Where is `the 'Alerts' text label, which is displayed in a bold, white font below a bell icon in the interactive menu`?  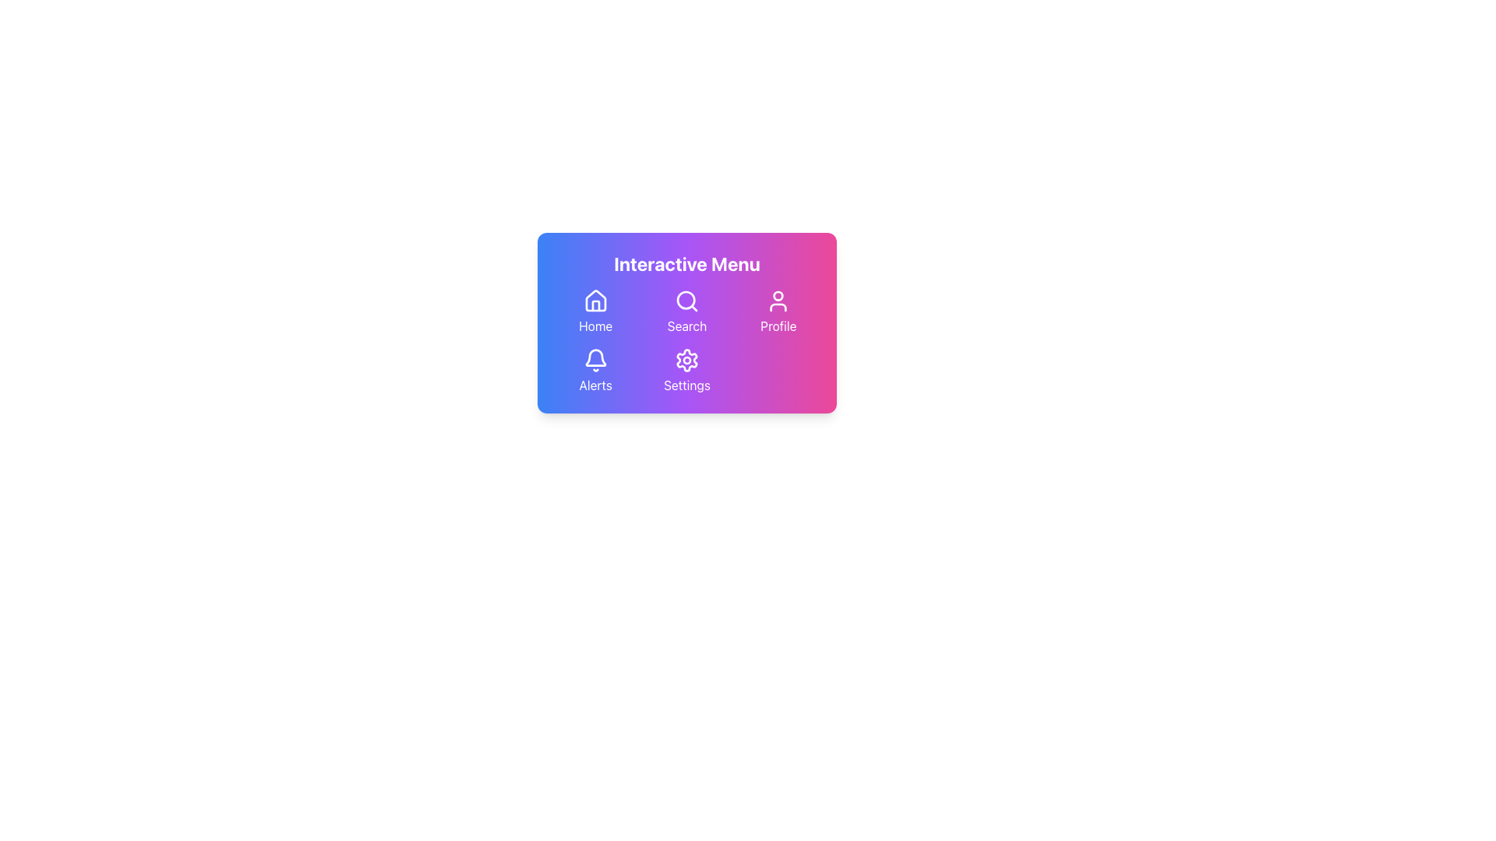 the 'Alerts' text label, which is displayed in a bold, white font below a bell icon in the interactive menu is located at coordinates (595, 385).